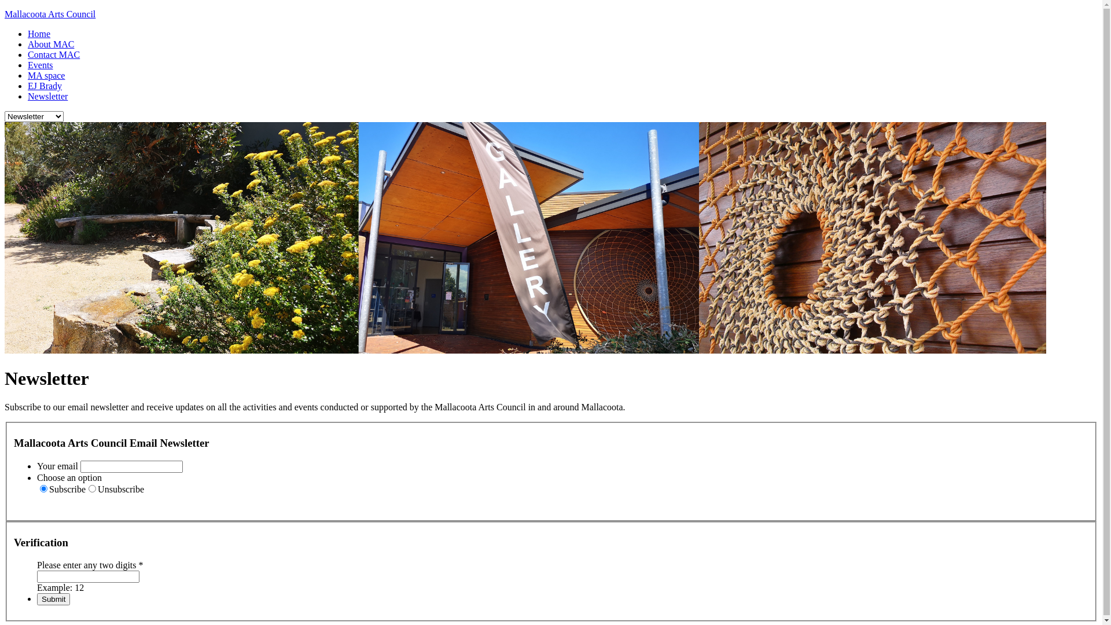  Describe the element at coordinates (47, 95) in the screenshot. I see `'Newsletter'` at that location.